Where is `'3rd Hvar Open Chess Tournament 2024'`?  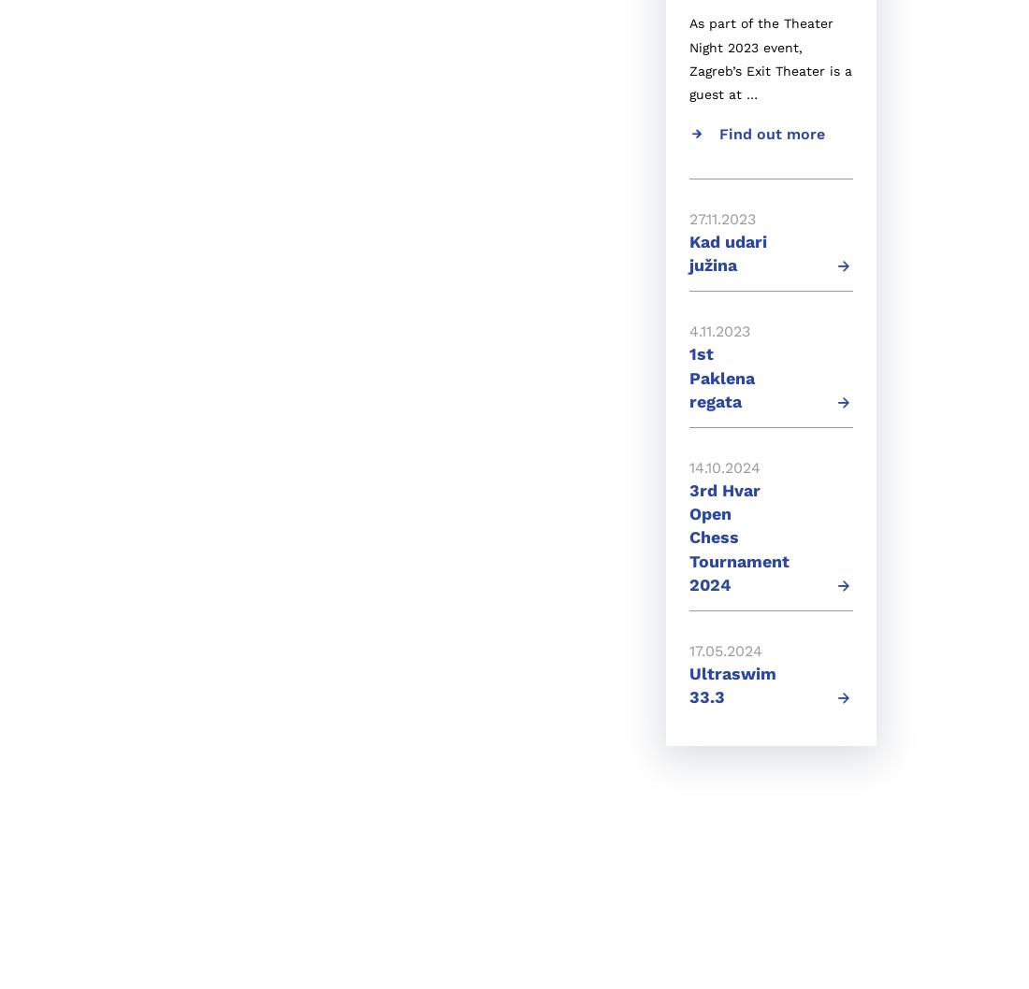
'3rd Hvar Open Chess Tournament 2024' is located at coordinates (739, 536).